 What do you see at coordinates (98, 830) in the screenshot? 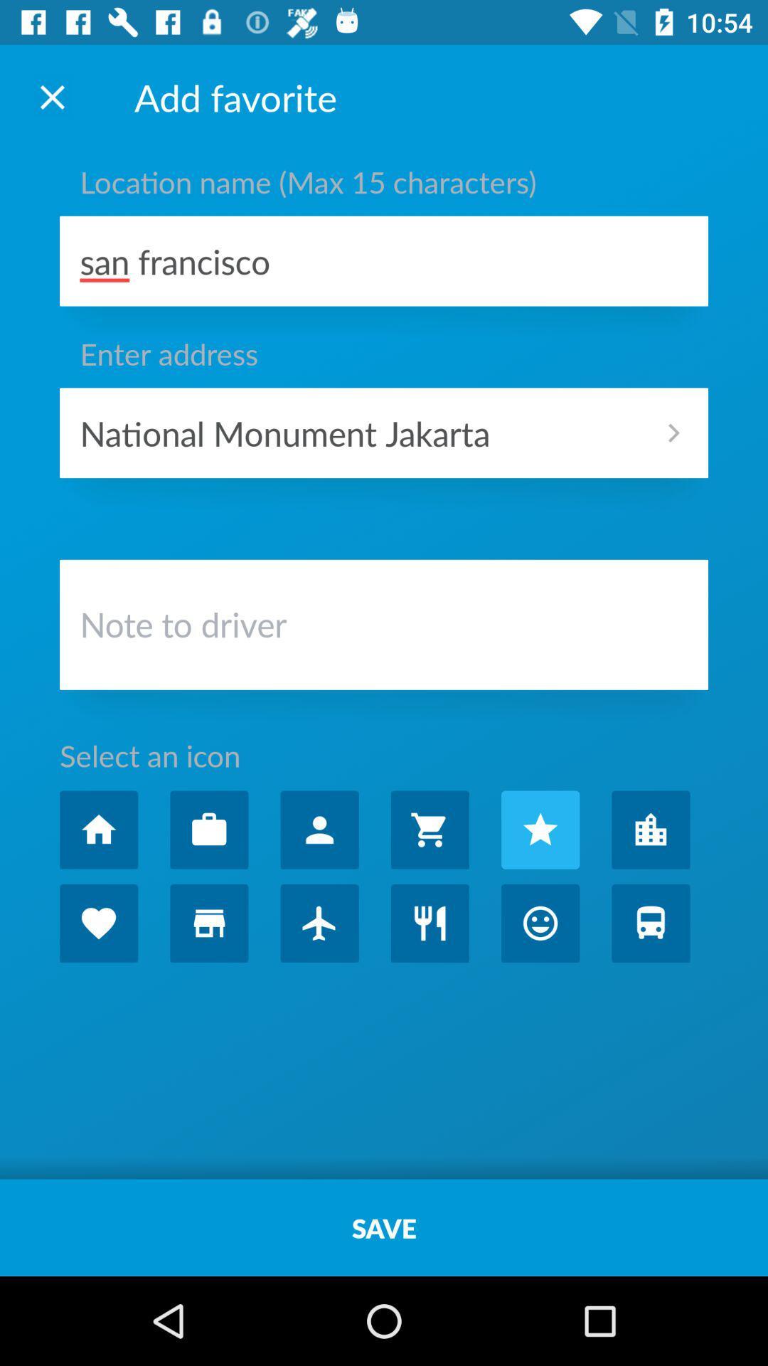
I see `homepage` at bounding box center [98, 830].